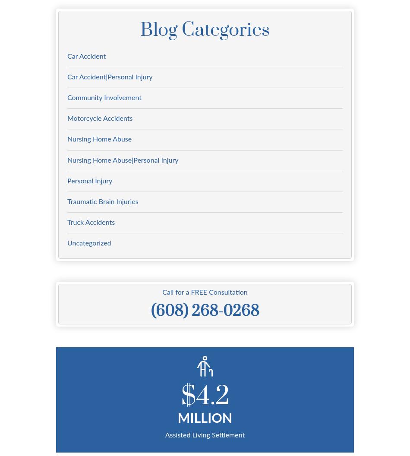 The width and height of the screenshot is (410, 456). What do you see at coordinates (204, 397) in the screenshot?
I see `'$4.2'` at bounding box center [204, 397].